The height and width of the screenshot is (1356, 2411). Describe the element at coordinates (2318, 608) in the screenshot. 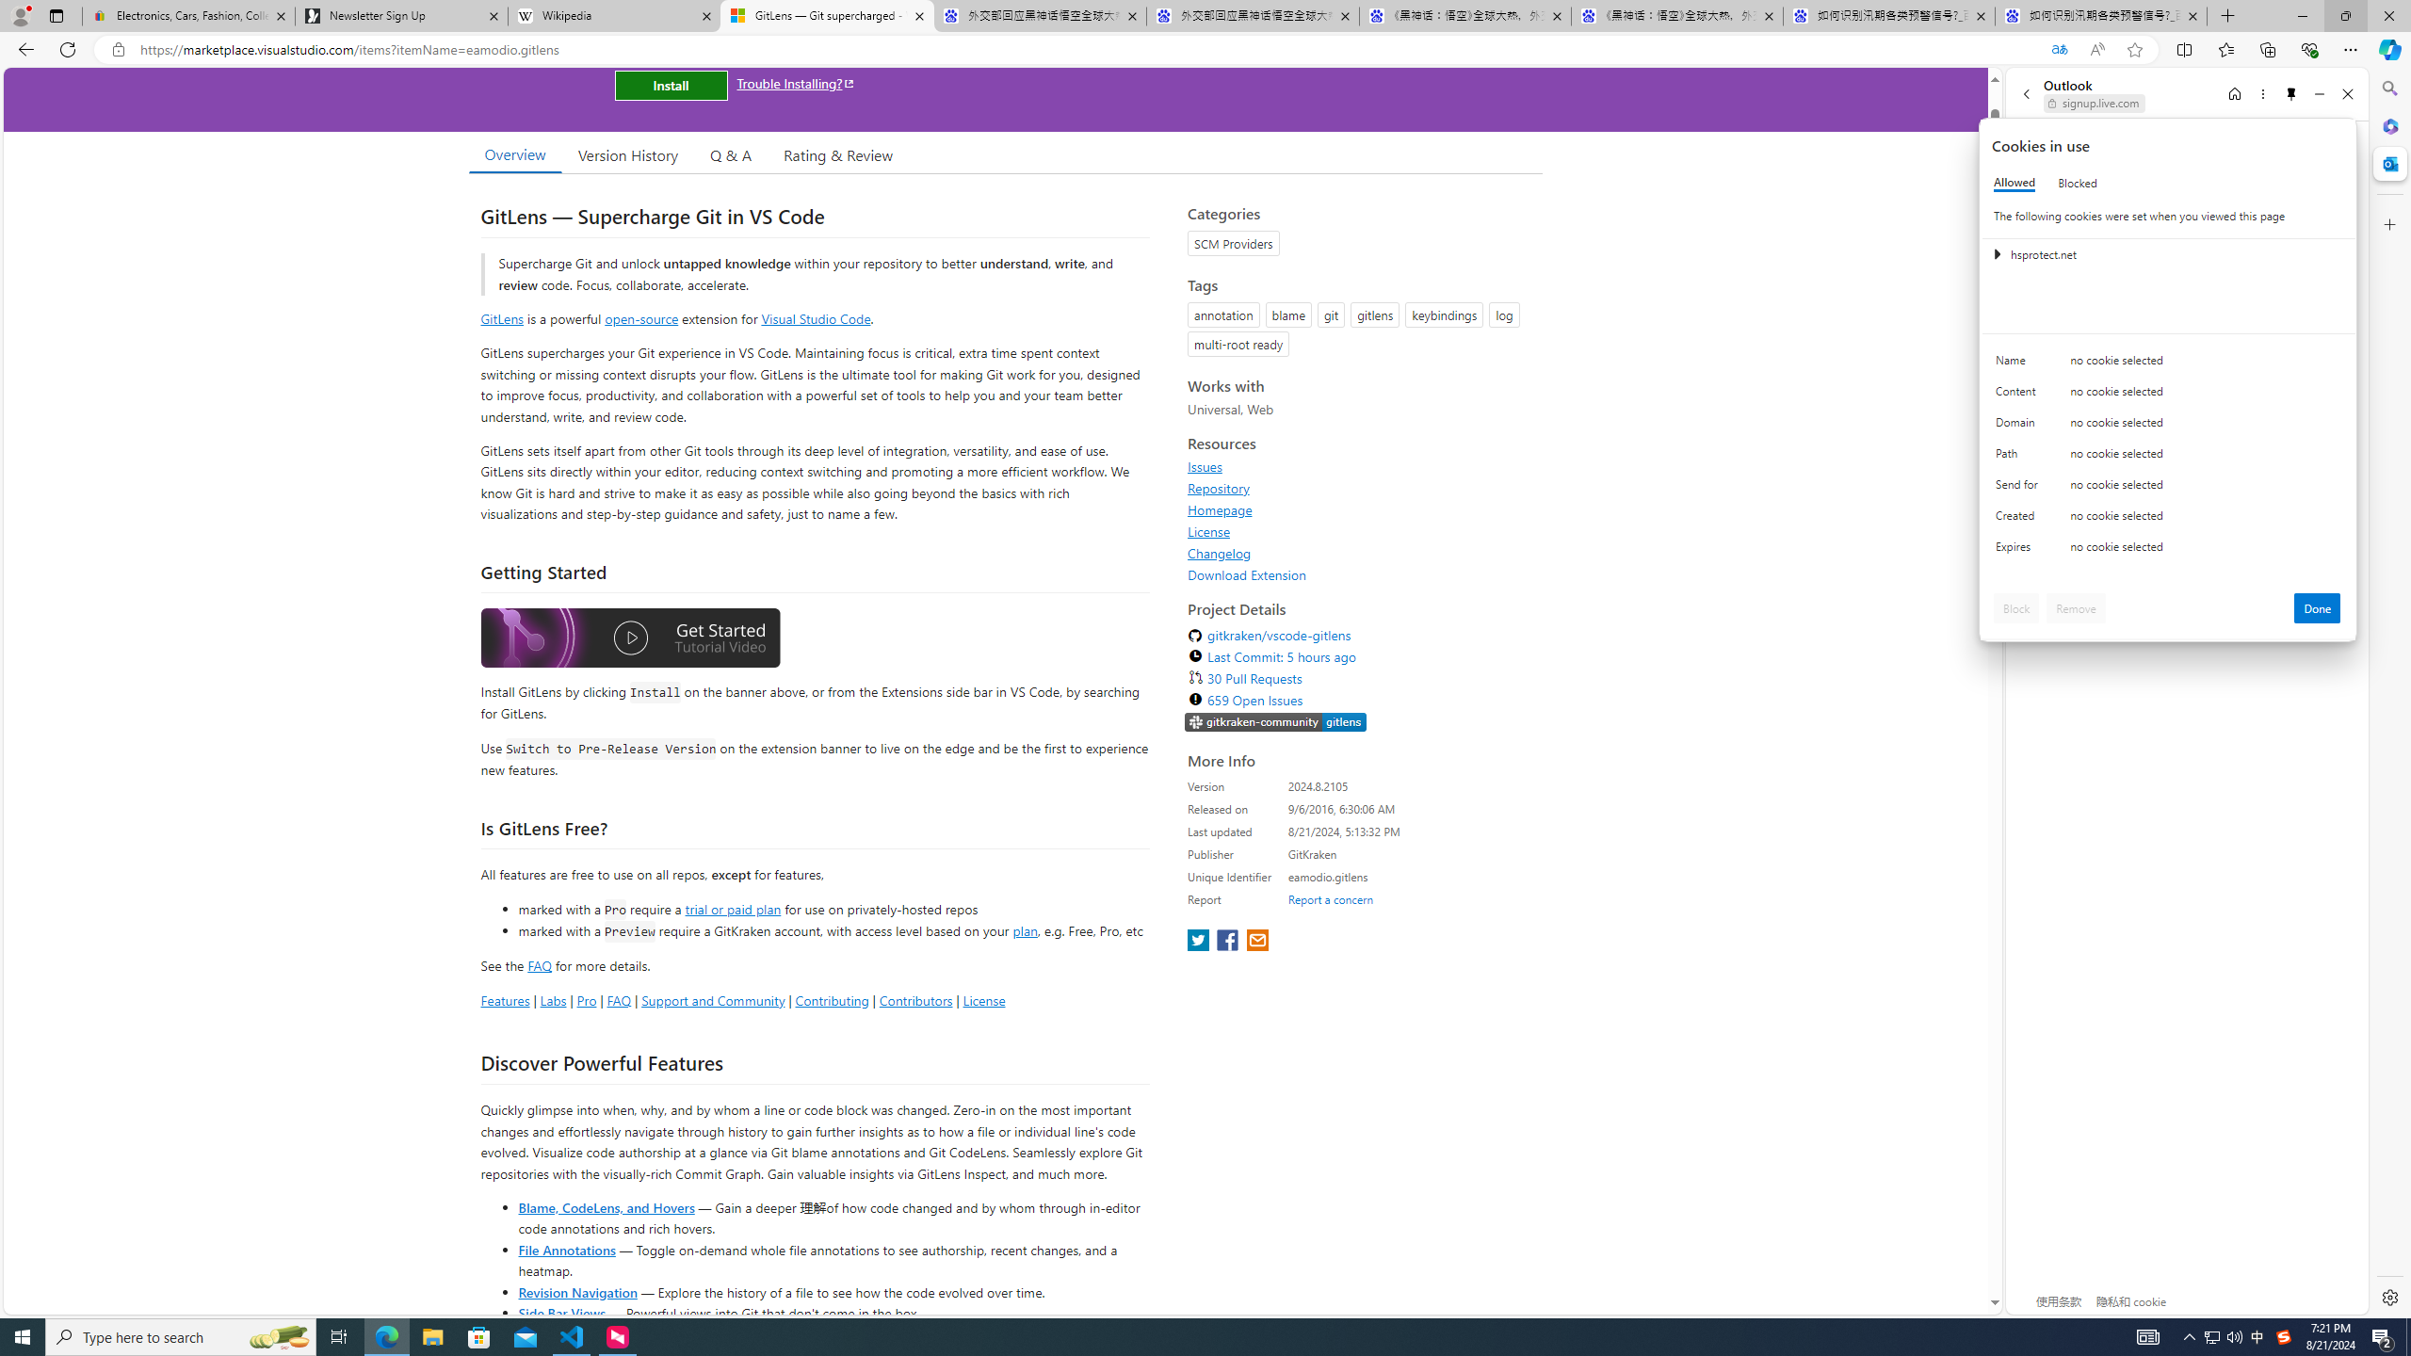

I see `'Done'` at that location.